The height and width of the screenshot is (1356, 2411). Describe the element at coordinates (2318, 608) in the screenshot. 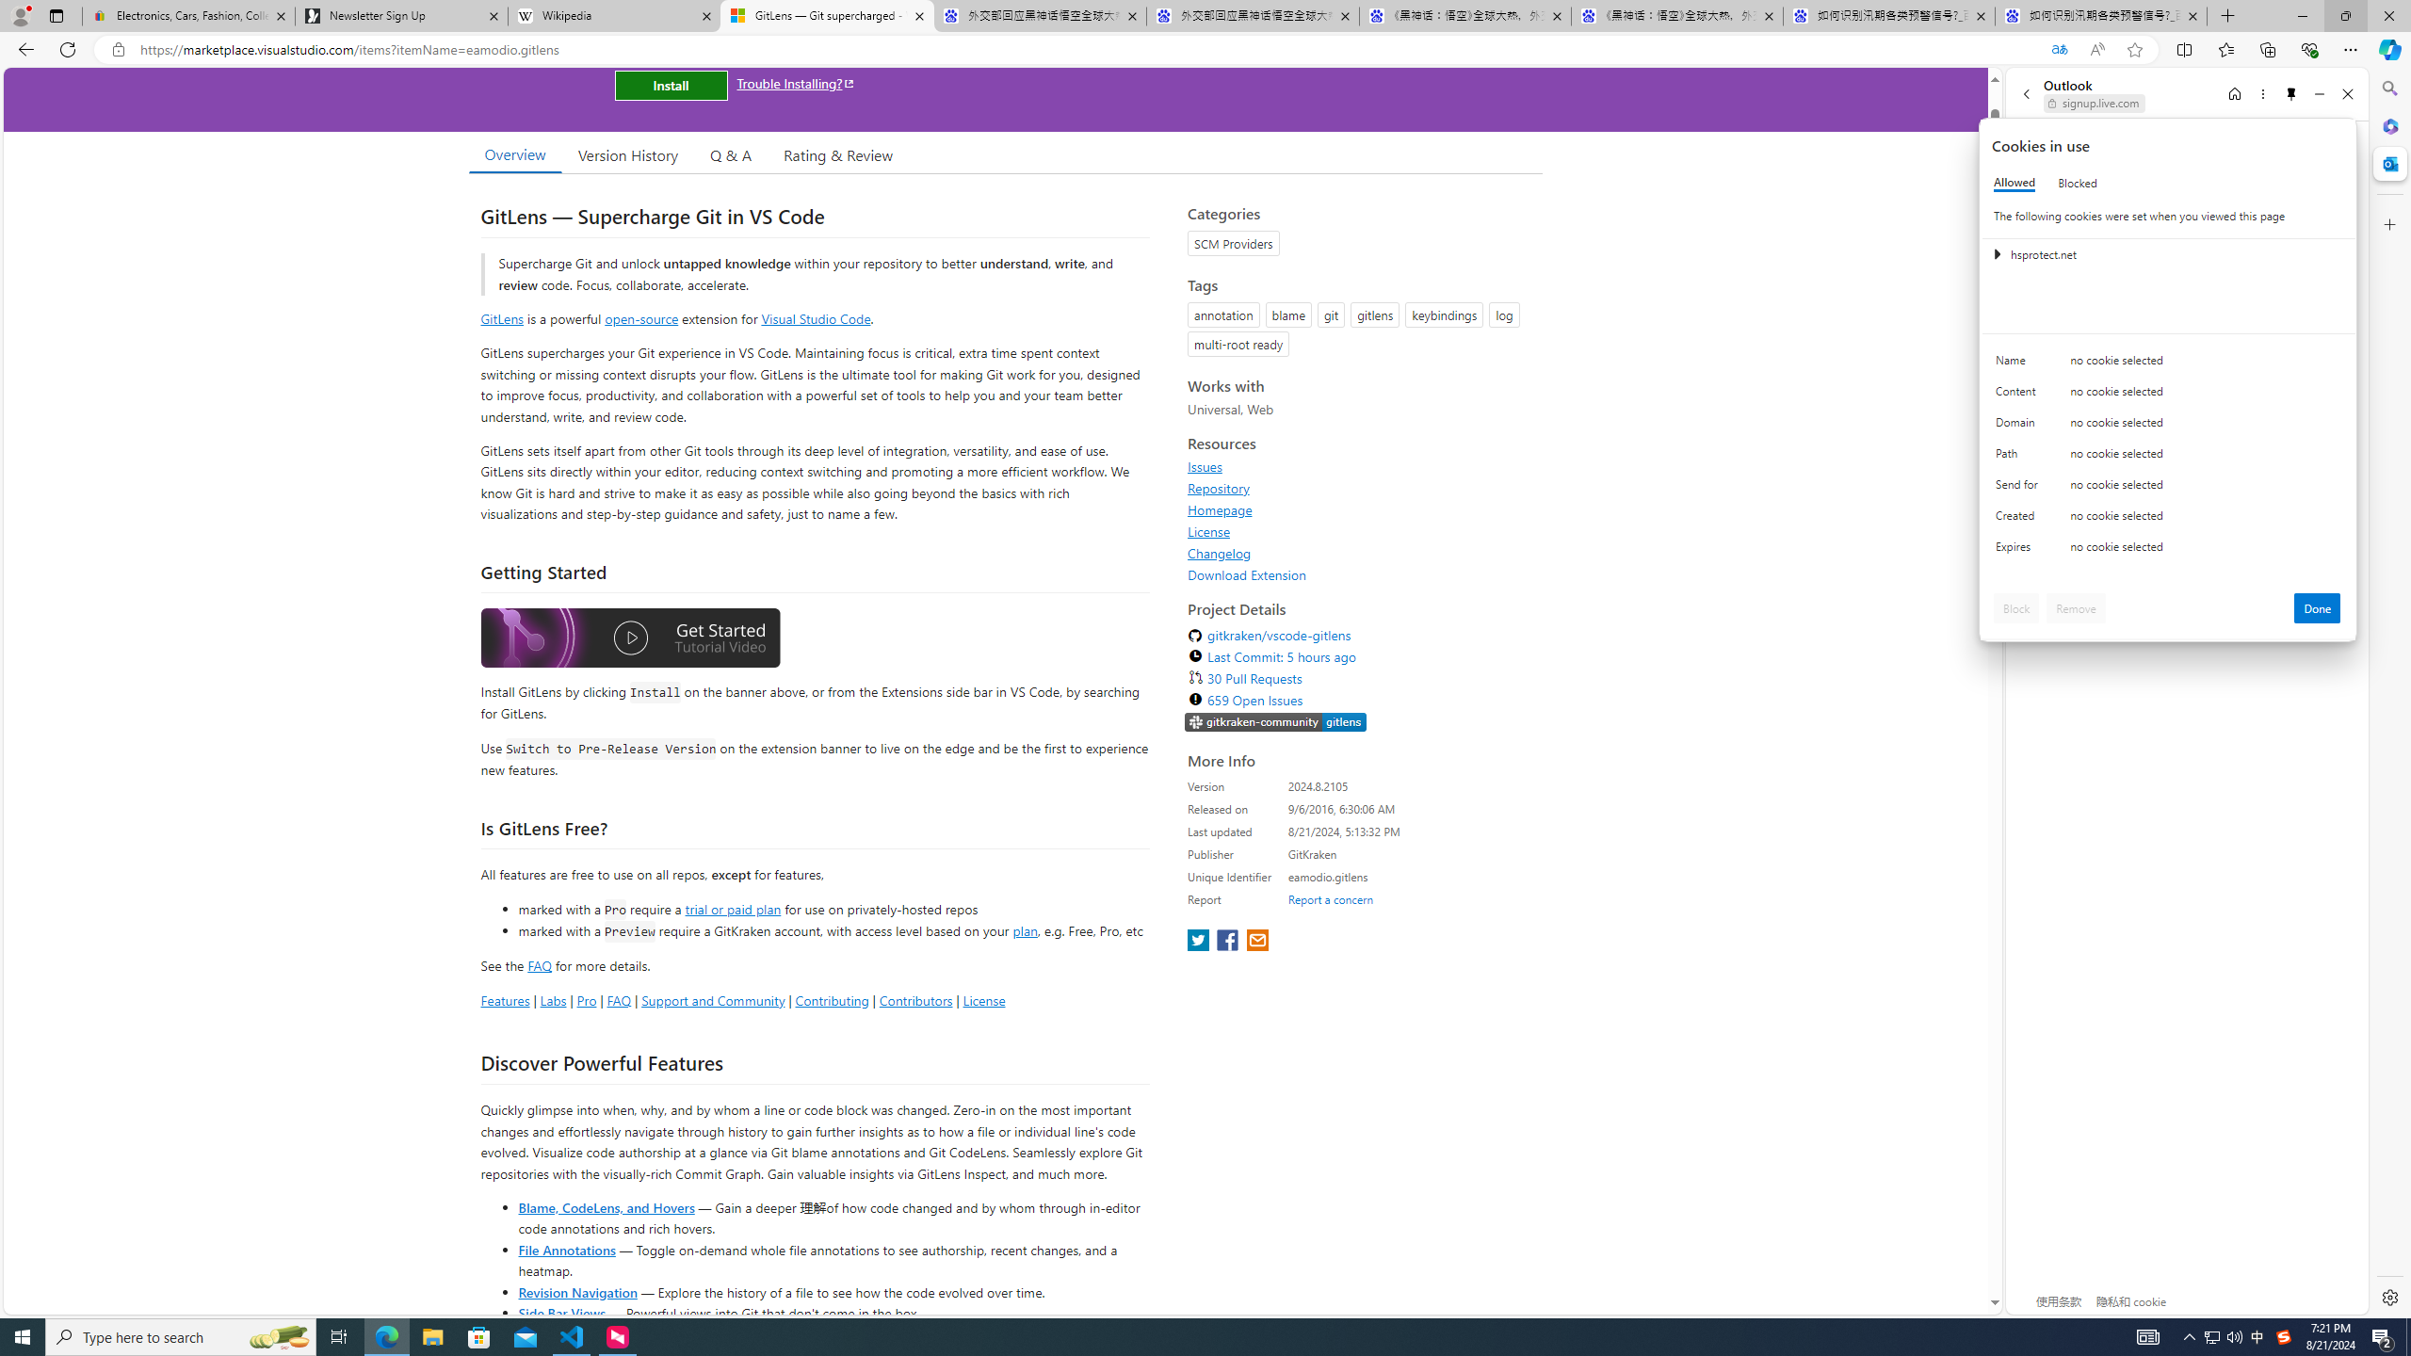

I see `'Done'` at that location.